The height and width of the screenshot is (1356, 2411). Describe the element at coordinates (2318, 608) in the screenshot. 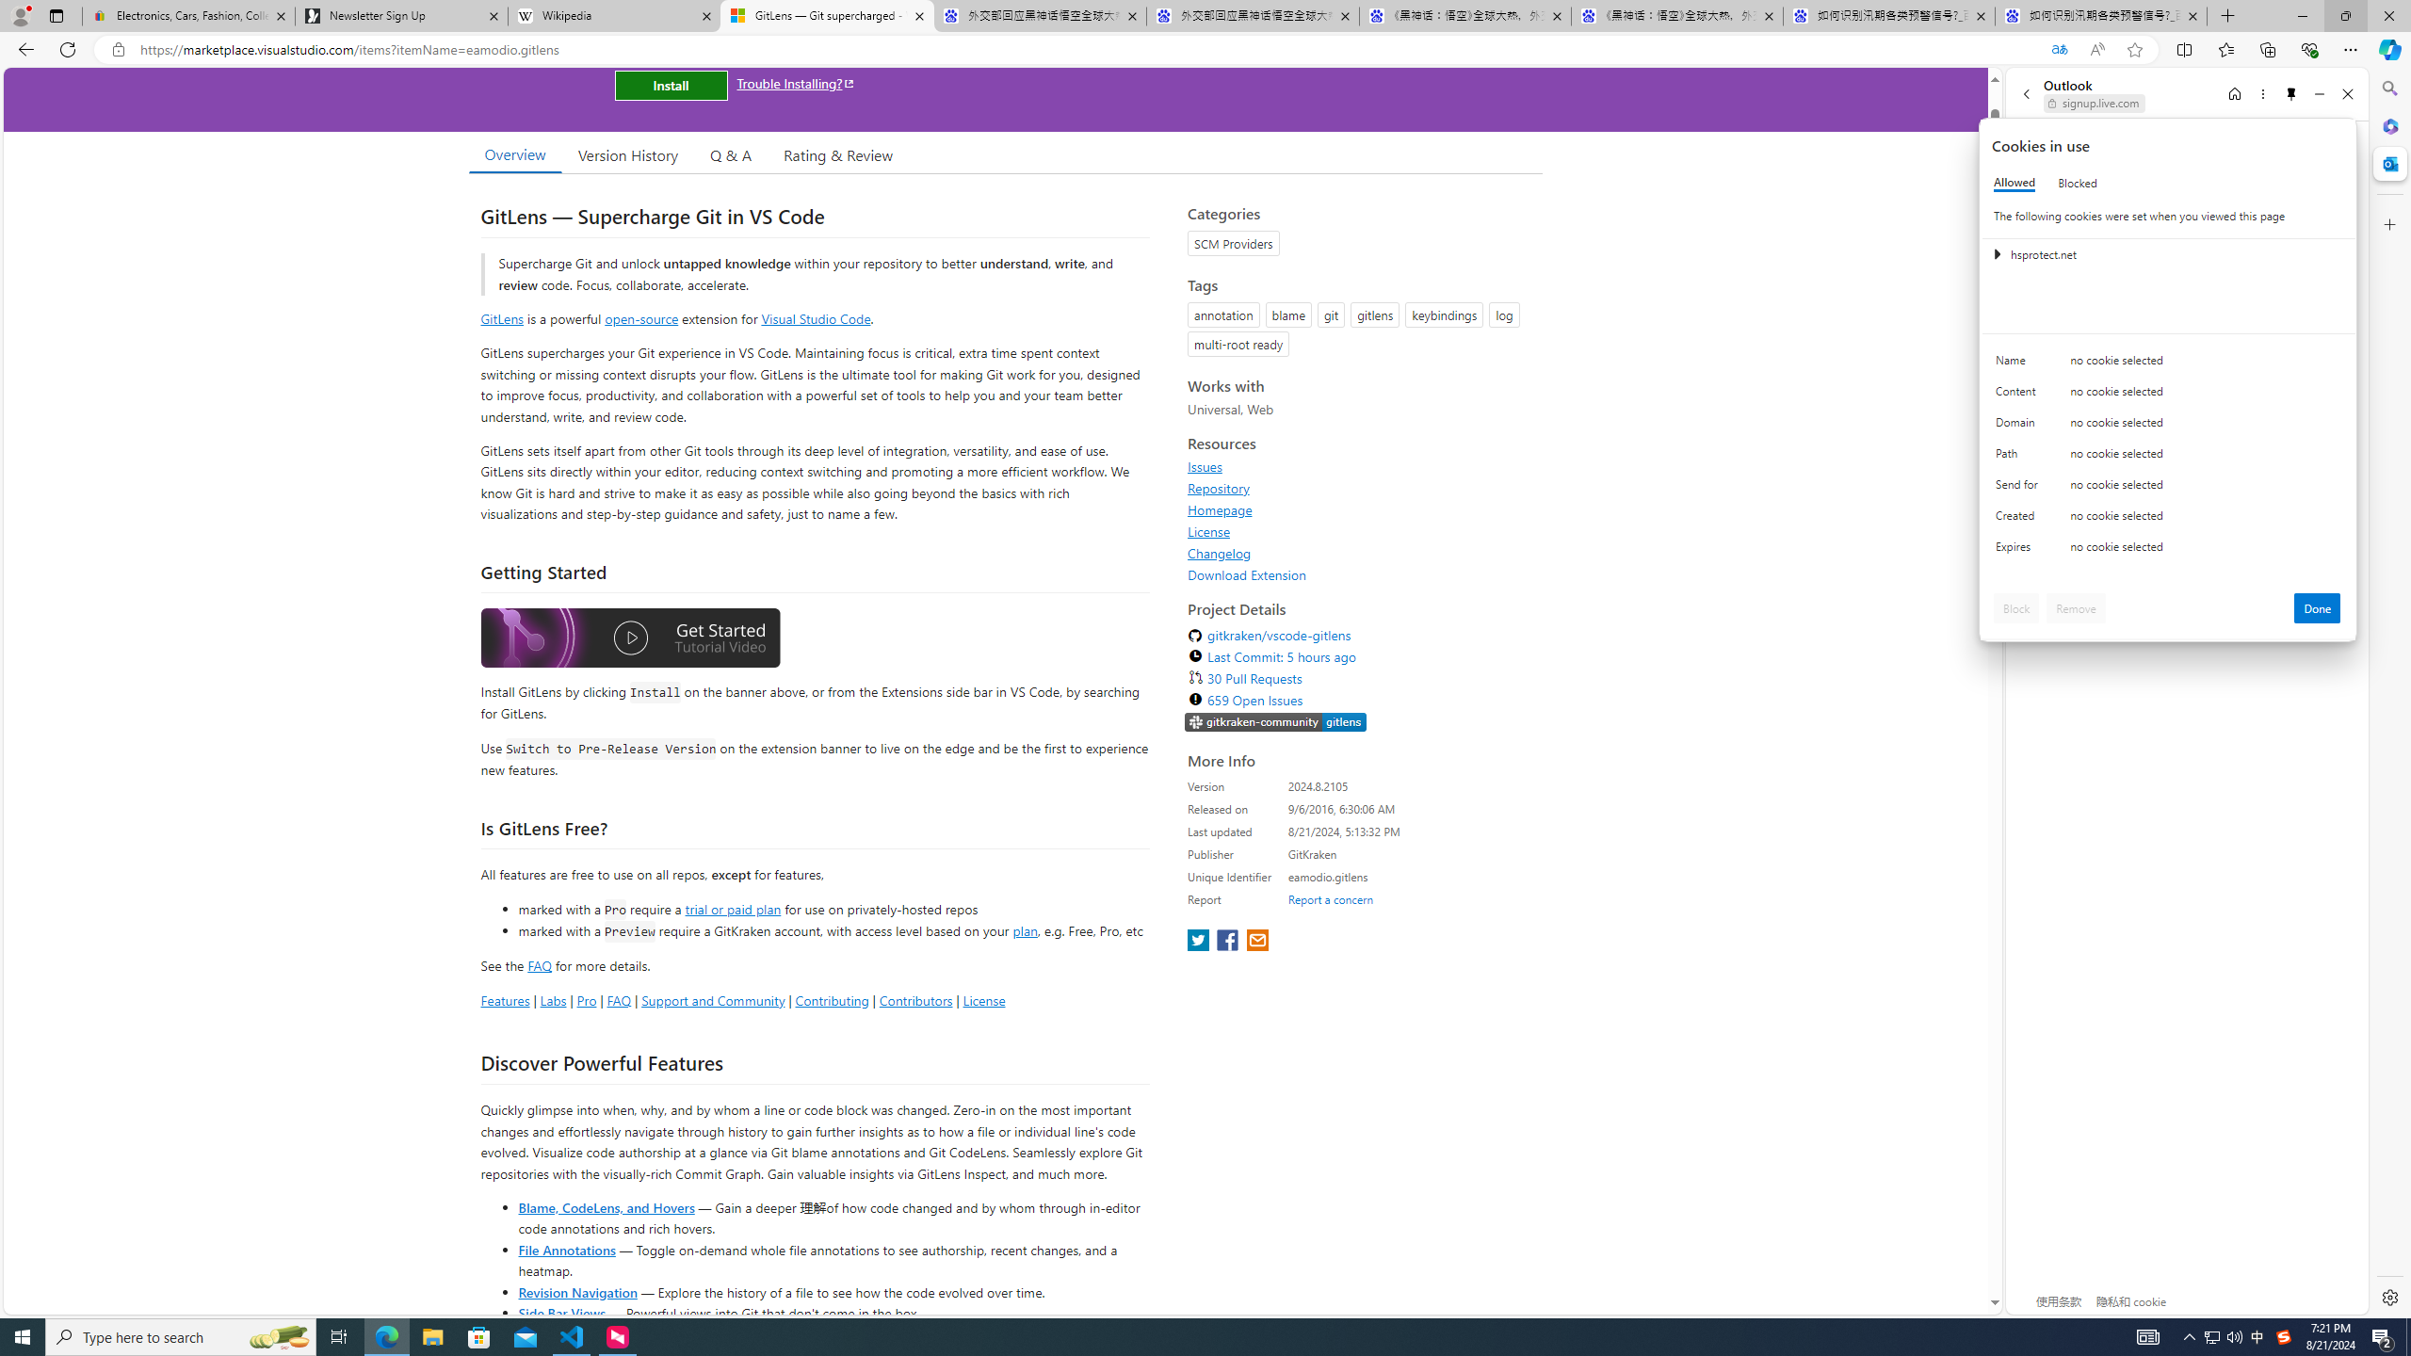

I see `'Done'` at that location.